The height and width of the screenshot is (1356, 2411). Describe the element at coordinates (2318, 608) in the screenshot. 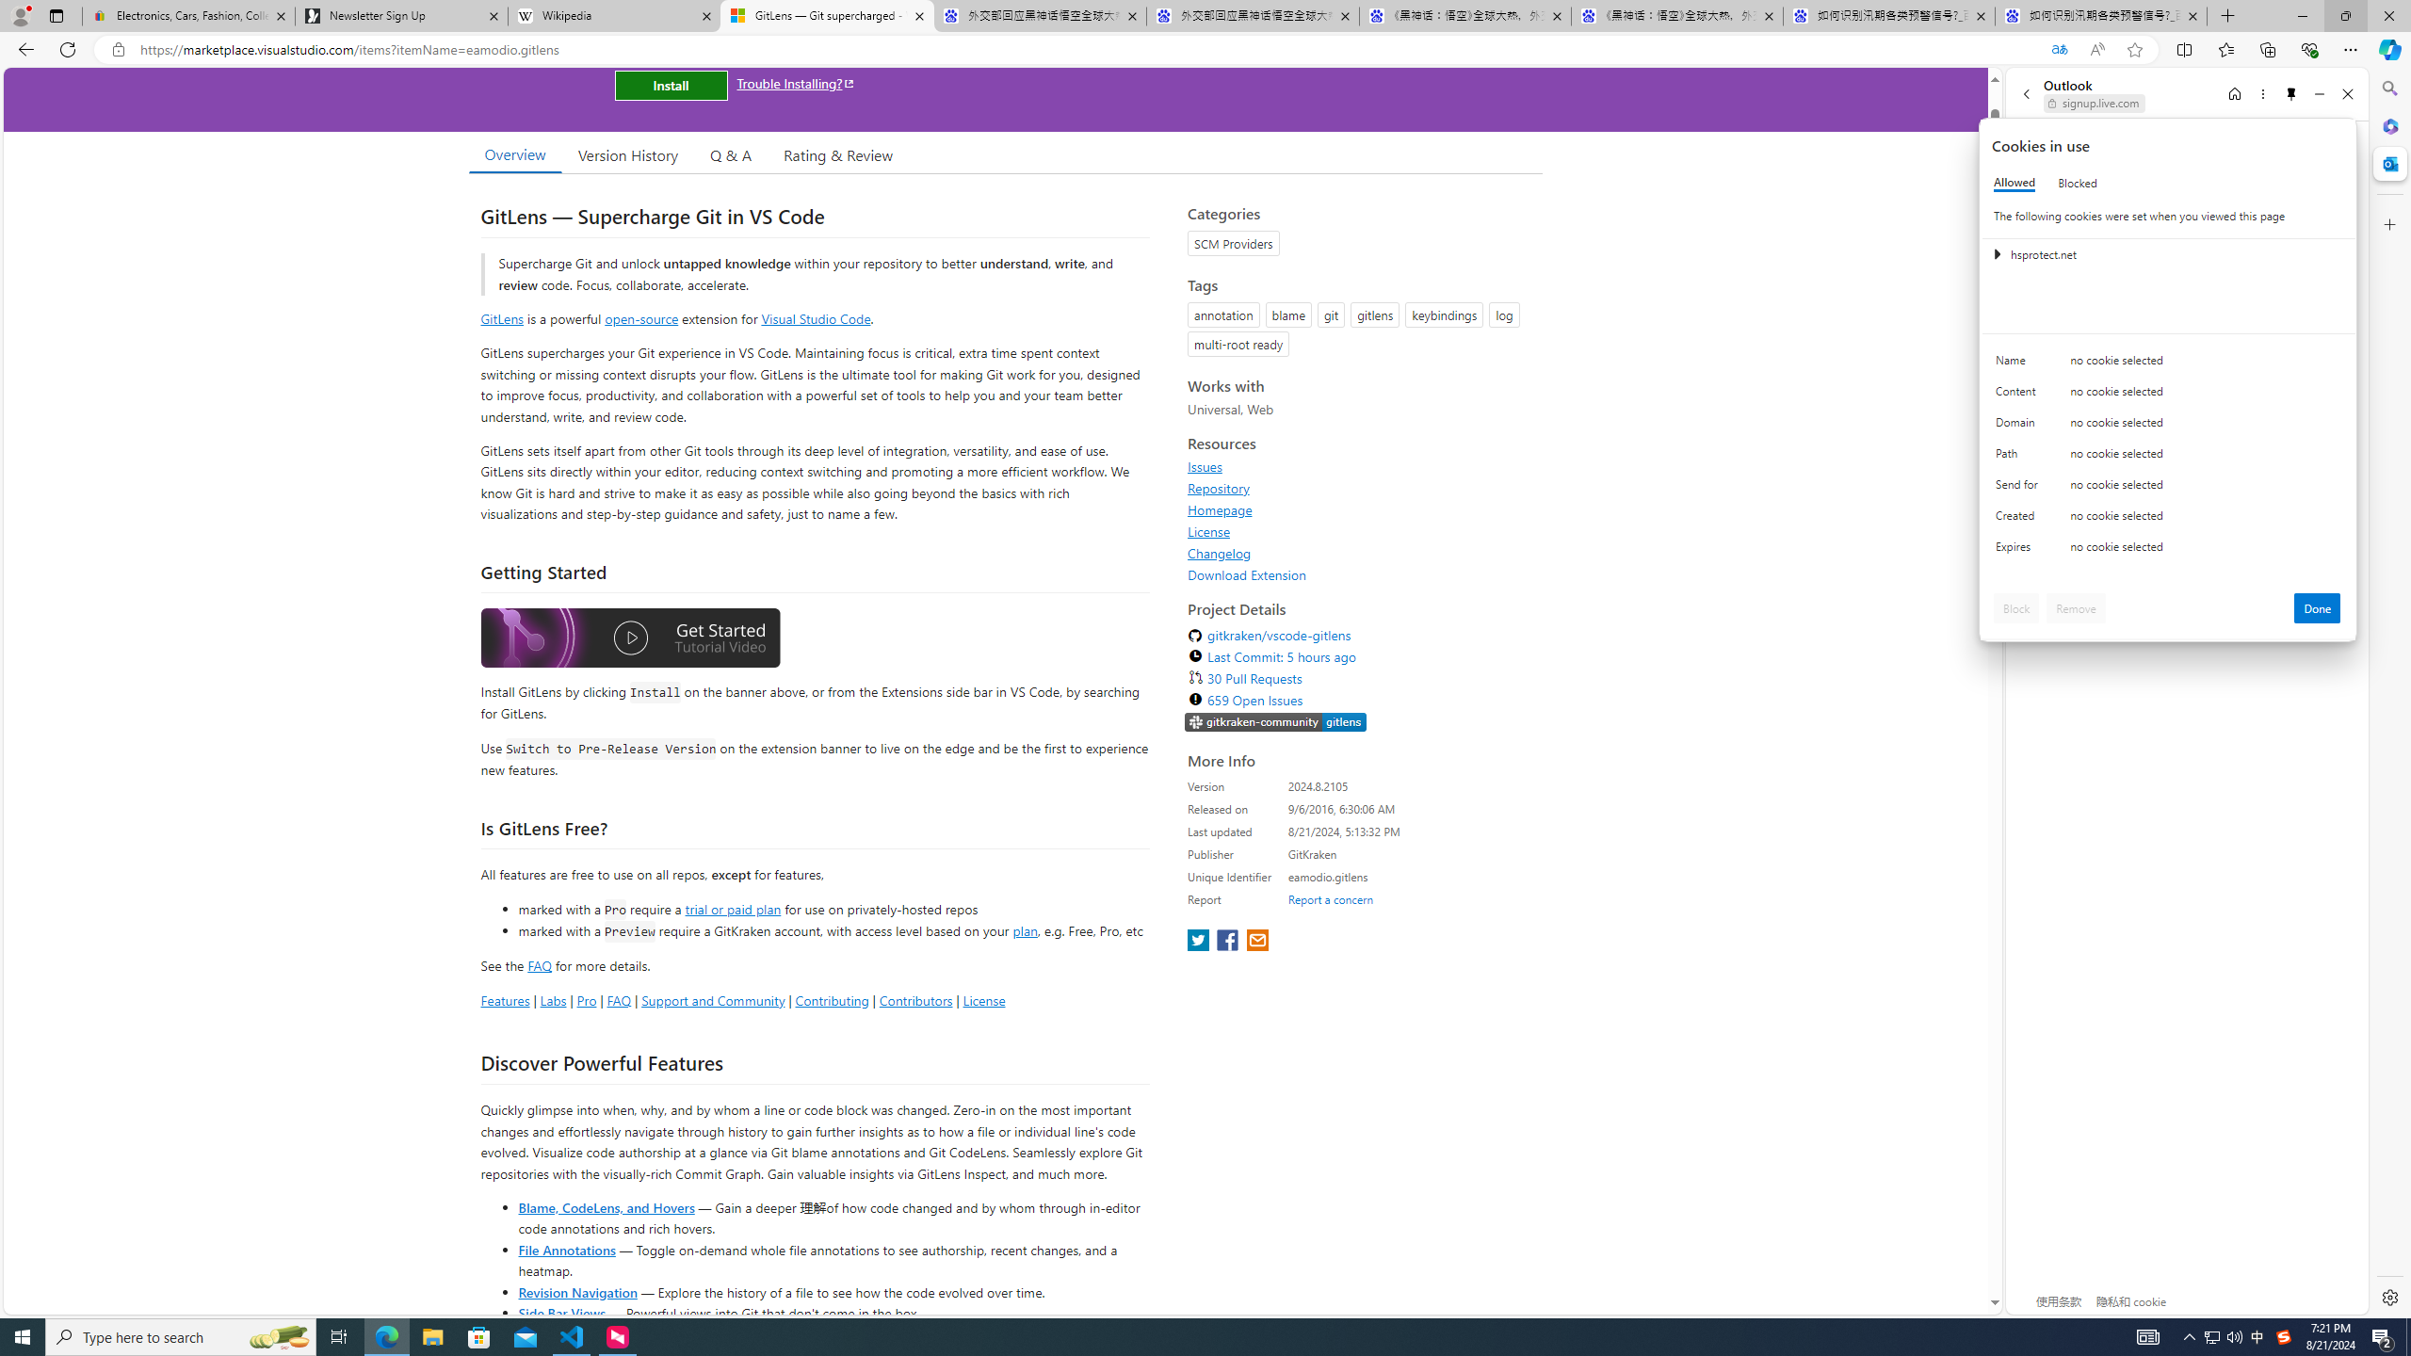

I see `'Done'` at that location.